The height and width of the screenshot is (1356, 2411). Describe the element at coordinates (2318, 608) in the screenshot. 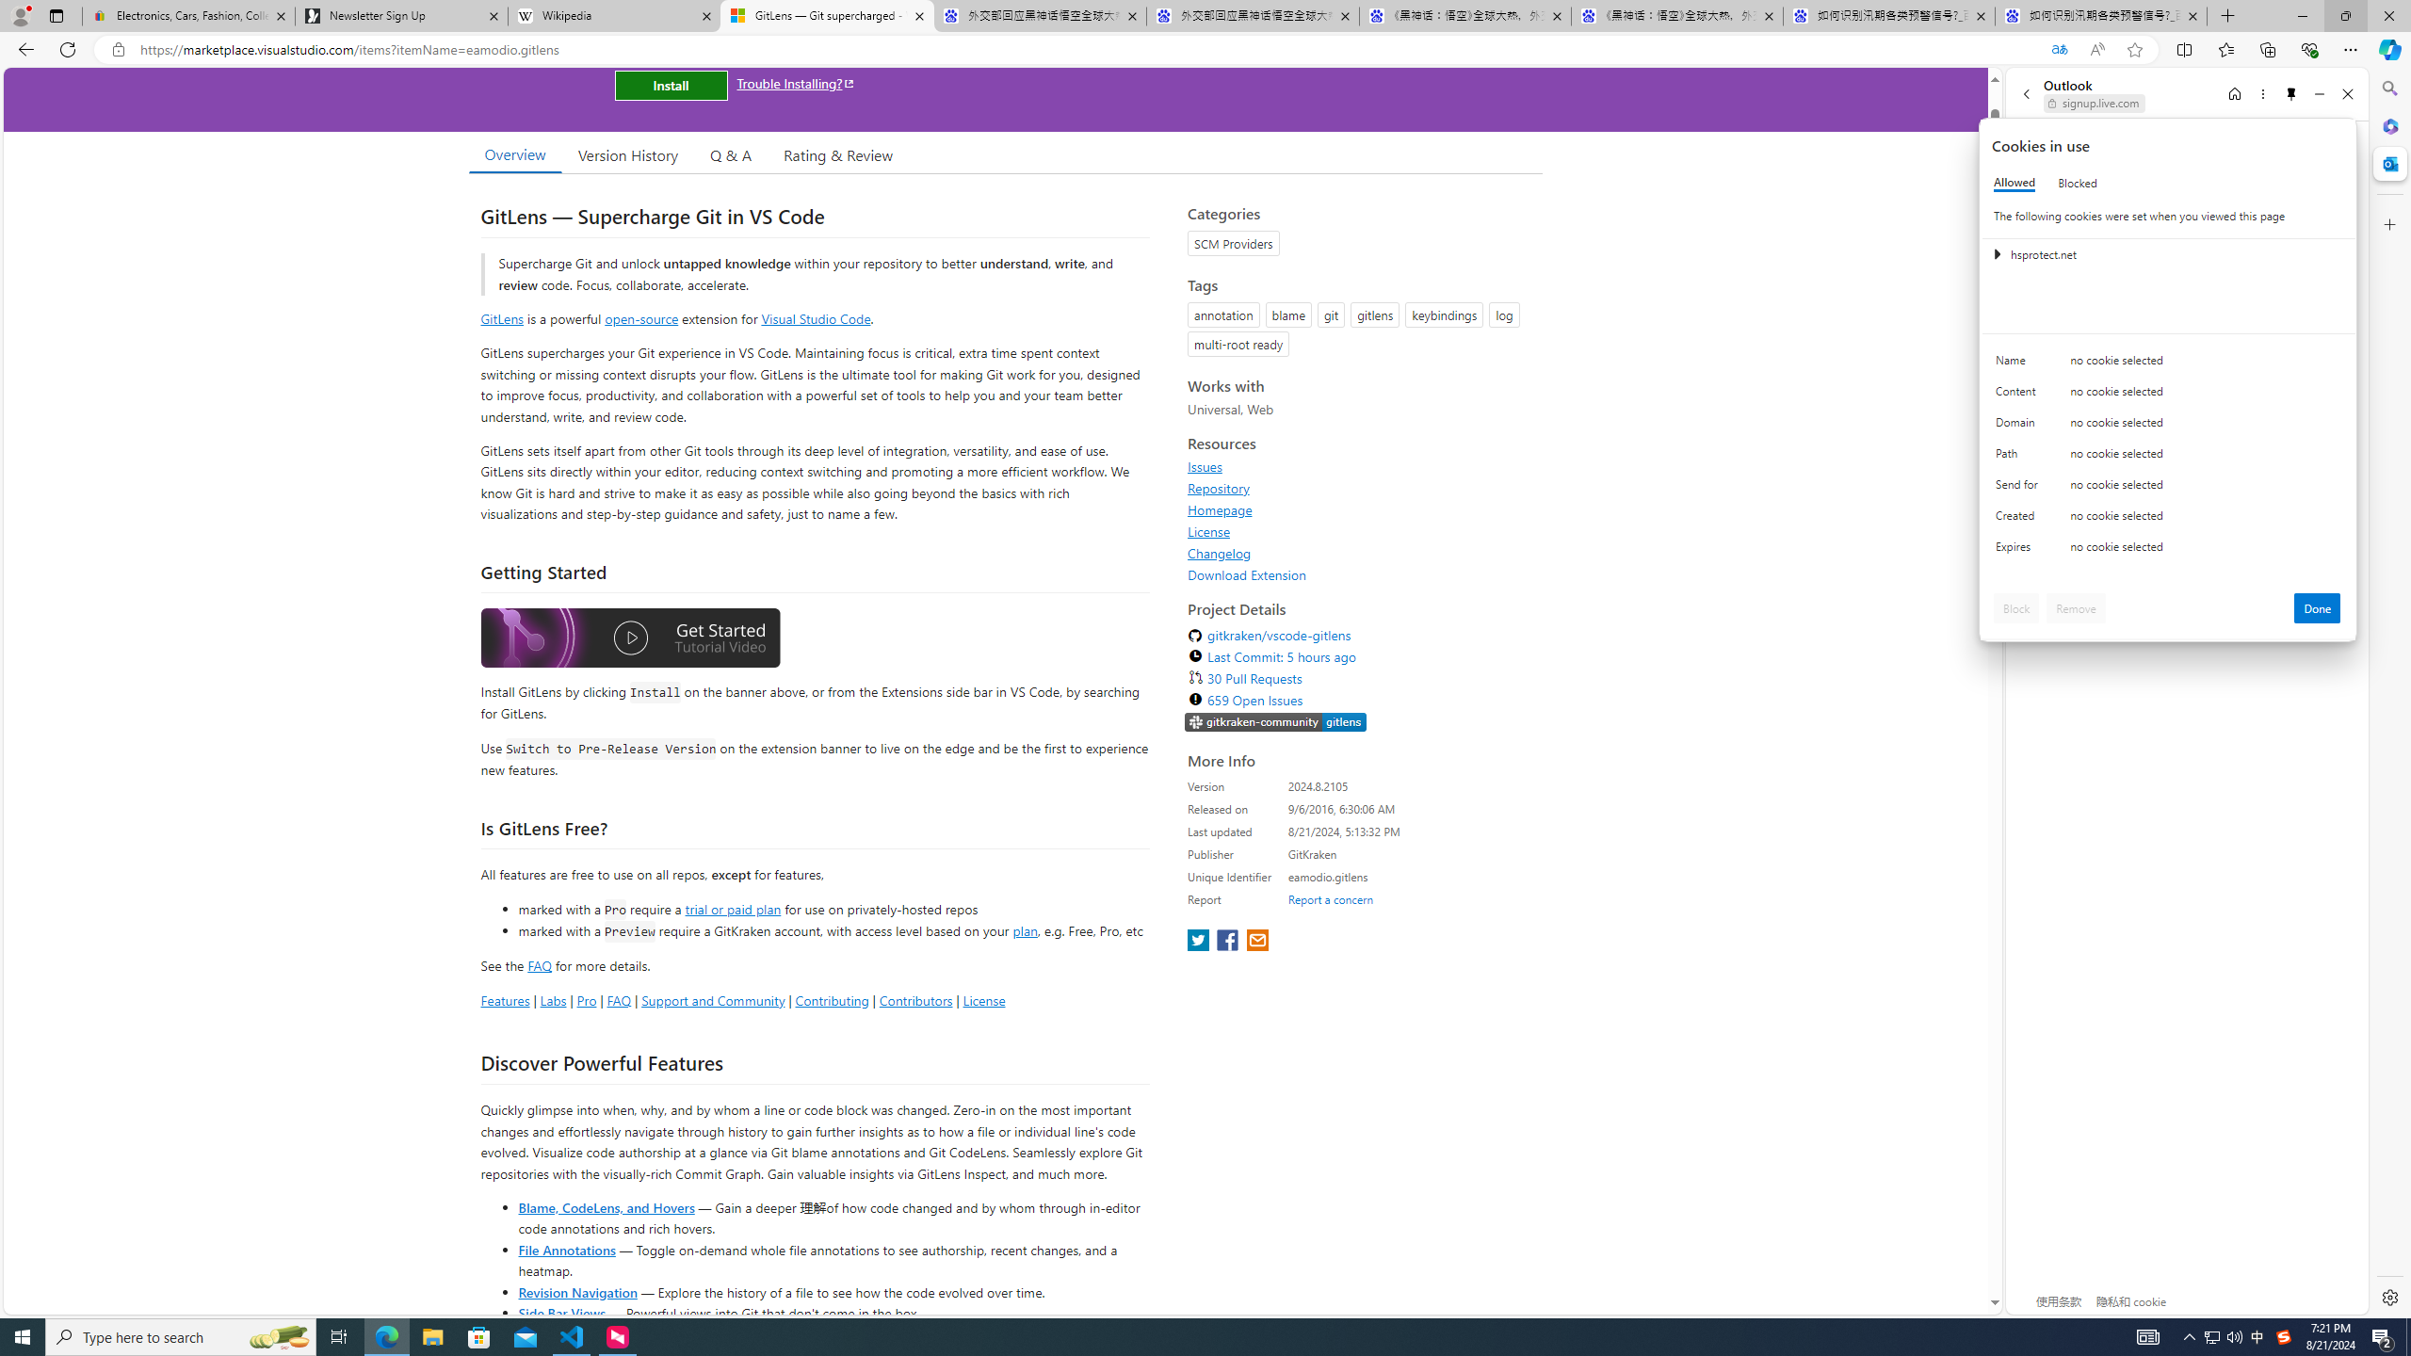

I see `'Done'` at that location.